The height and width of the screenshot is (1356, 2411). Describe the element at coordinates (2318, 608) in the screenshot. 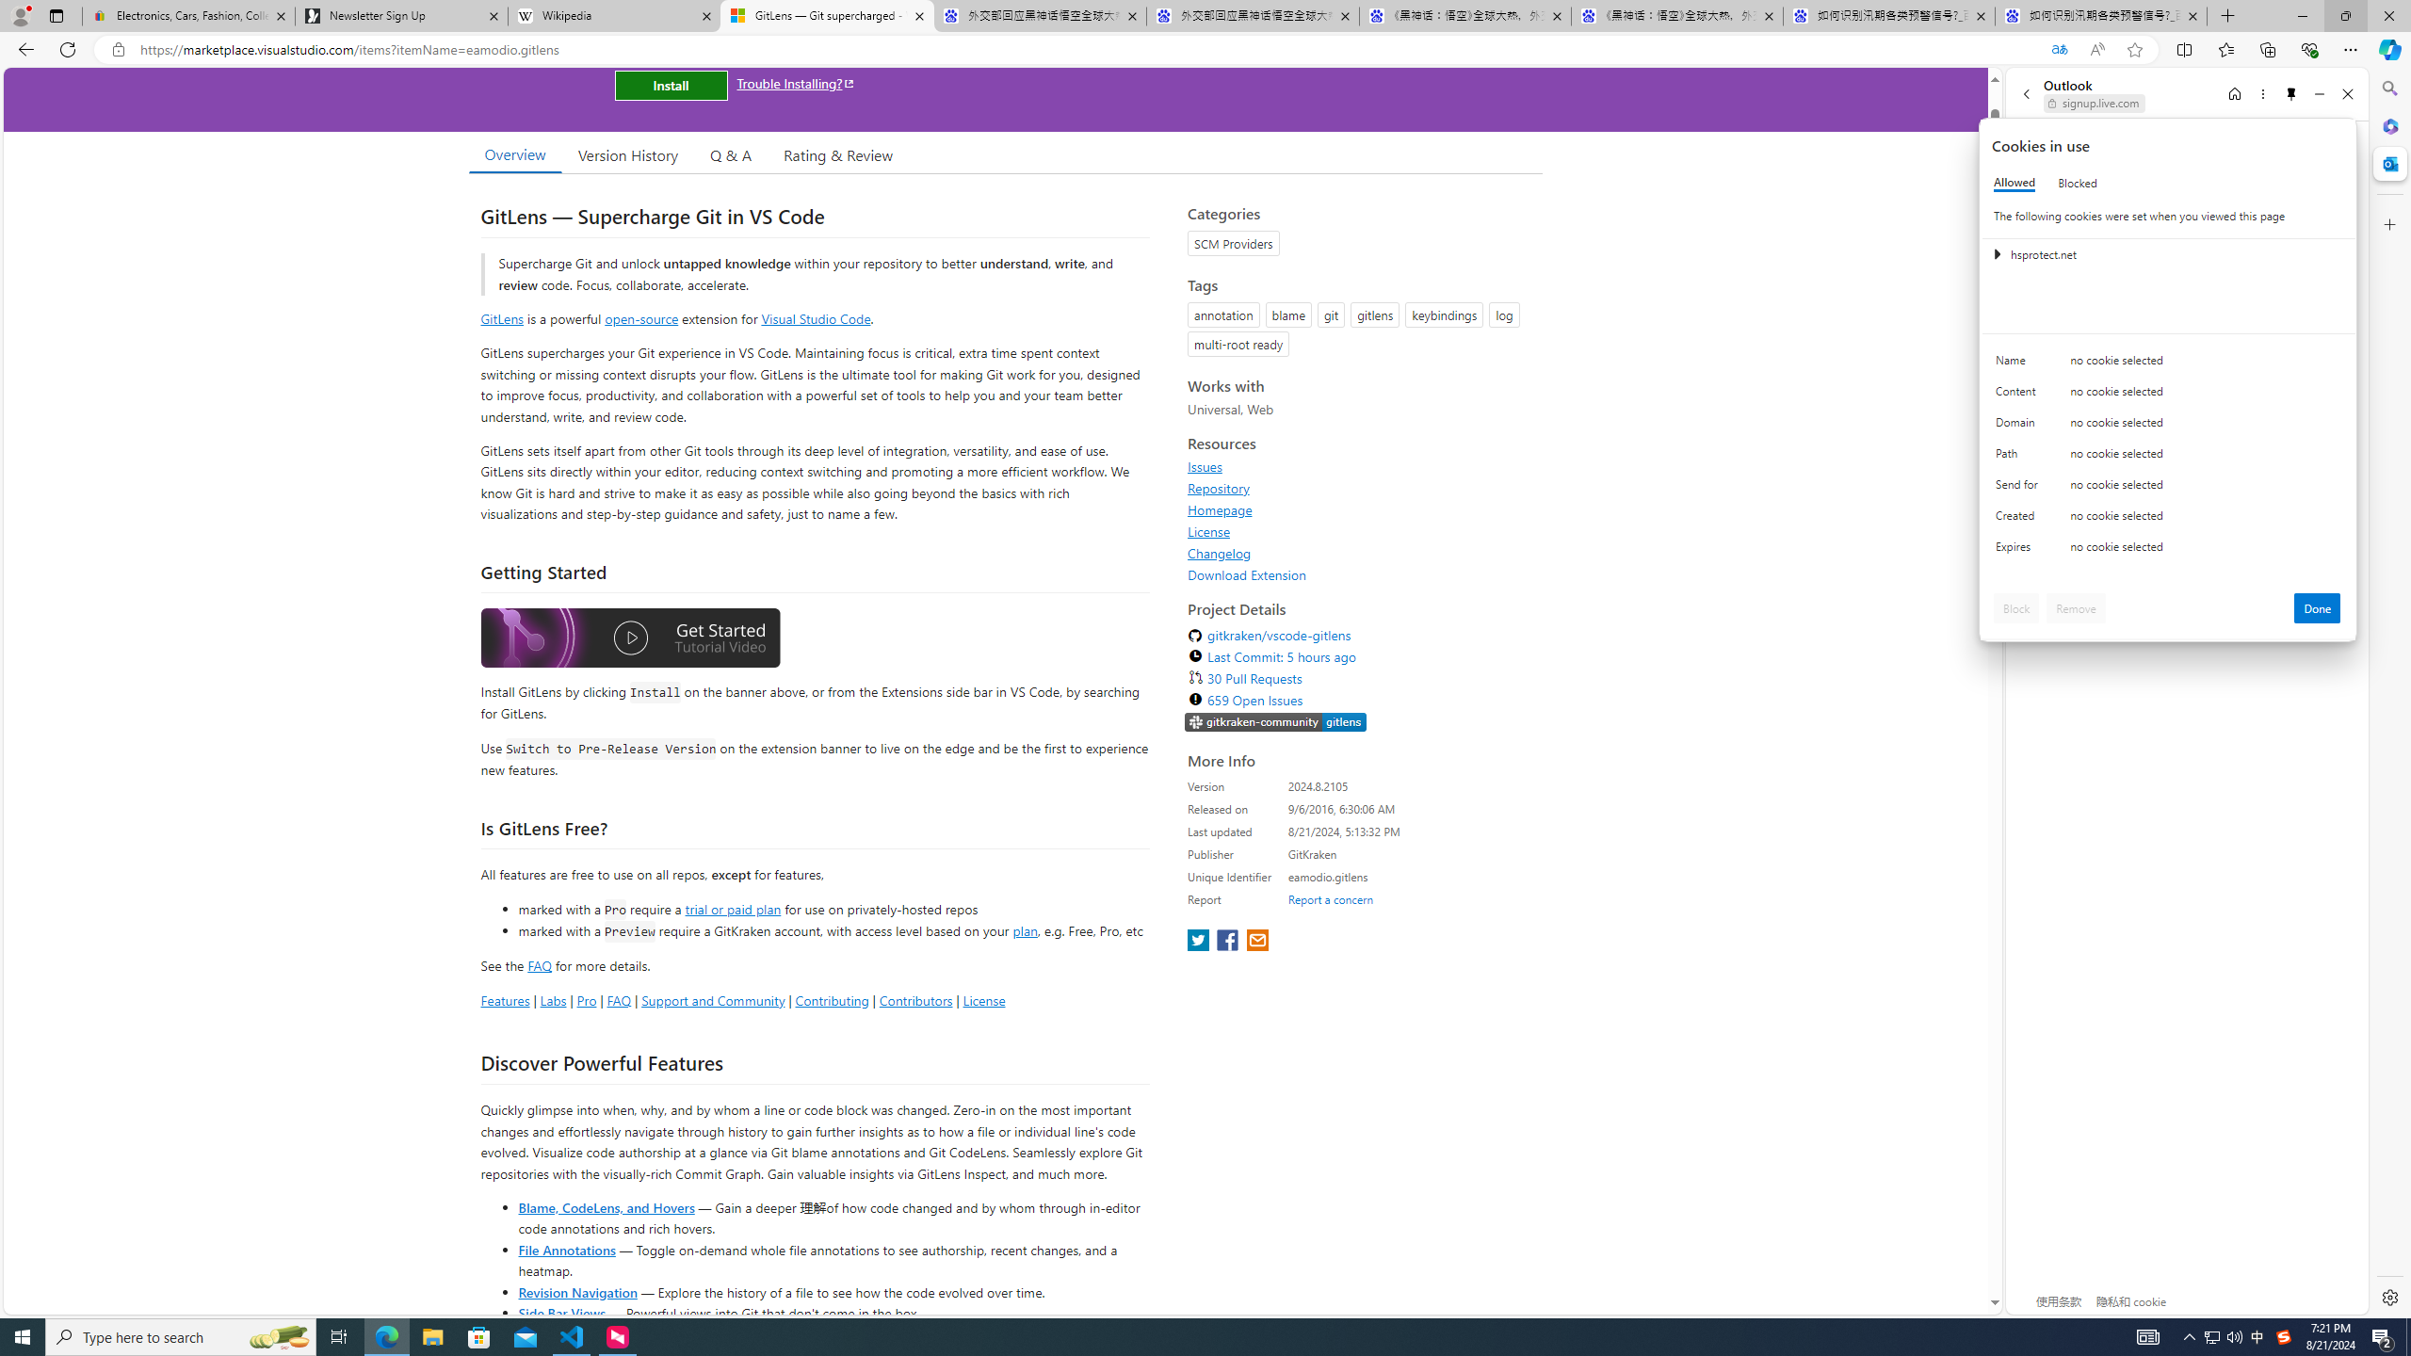

I see `'Done'` at that location.